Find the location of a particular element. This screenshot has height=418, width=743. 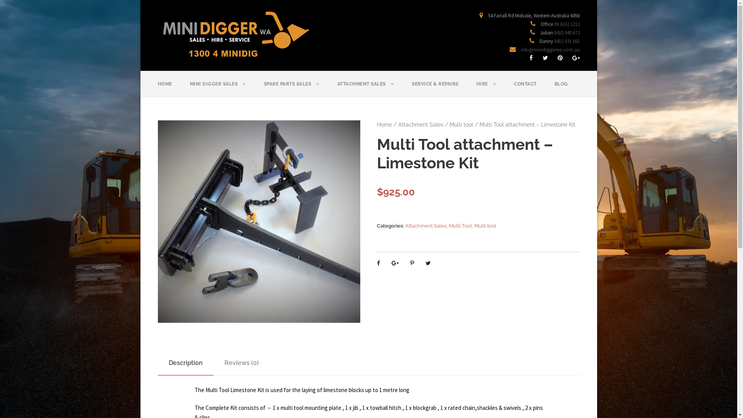

'0418 940 673' is located at coordinates (567, 32).